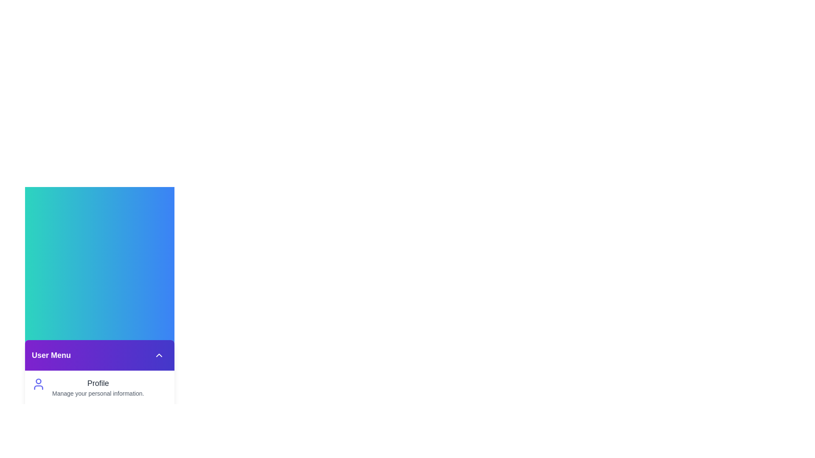 The image size is (815, 458). What do you see at coordinates (85, 381) in the screenshot?
I see `the text element Profile from the menu` at bounding box center [85, 381].